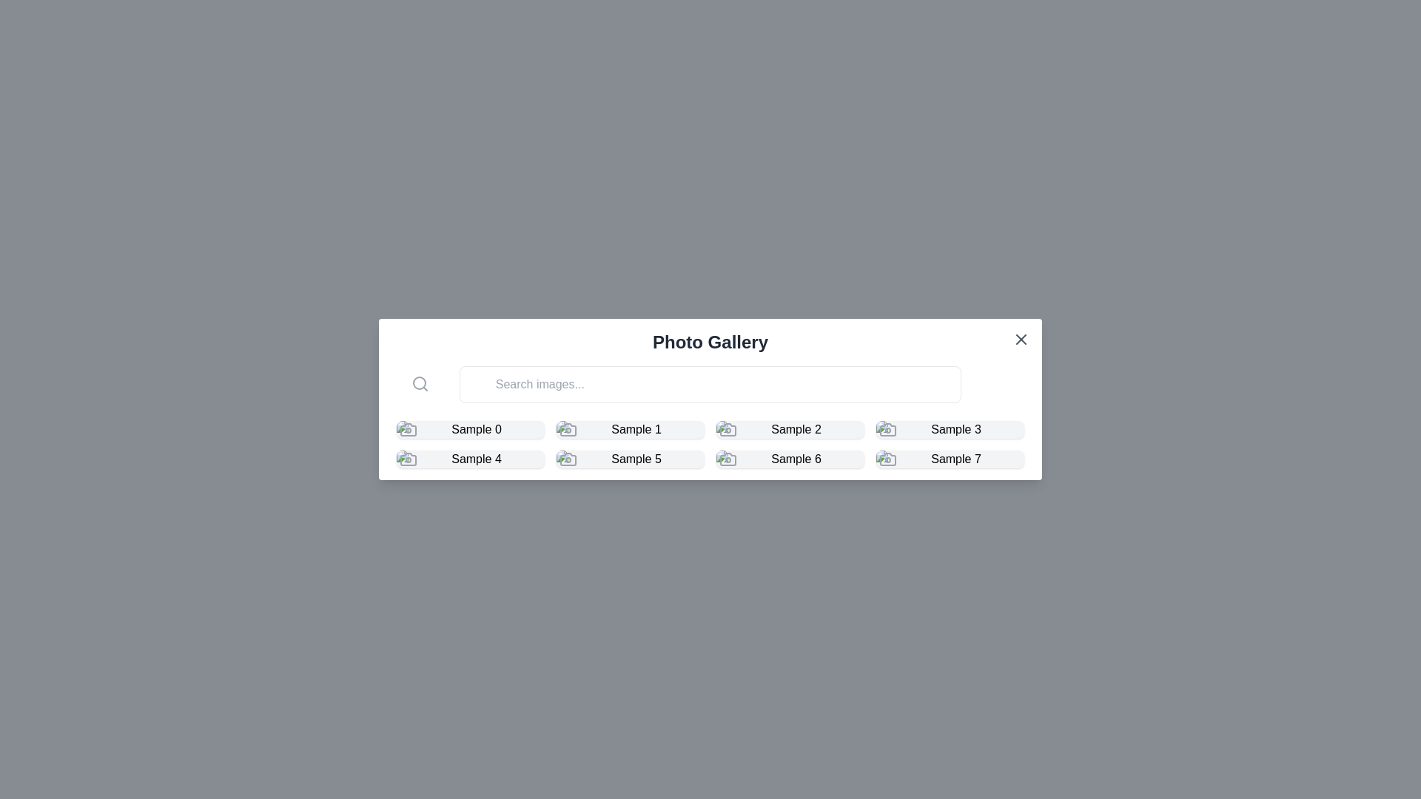 The height and width of the screenshot is (799, 1421). Describe the element at coordinates (568, 430) in the screenshot. I see `the camera graphic icon located within the 'Sample 1' picture box` at that location.